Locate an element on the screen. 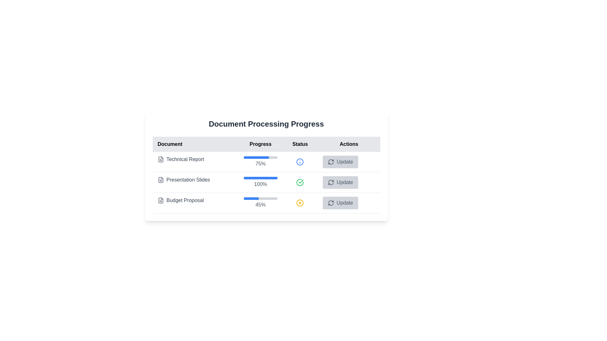 This screenshot has height=341, width=607. the progress indicator displaying '100%' for the document labeled 'Presentation Slides', which is the second row in the table of documents is located at coordinates (266, 182).